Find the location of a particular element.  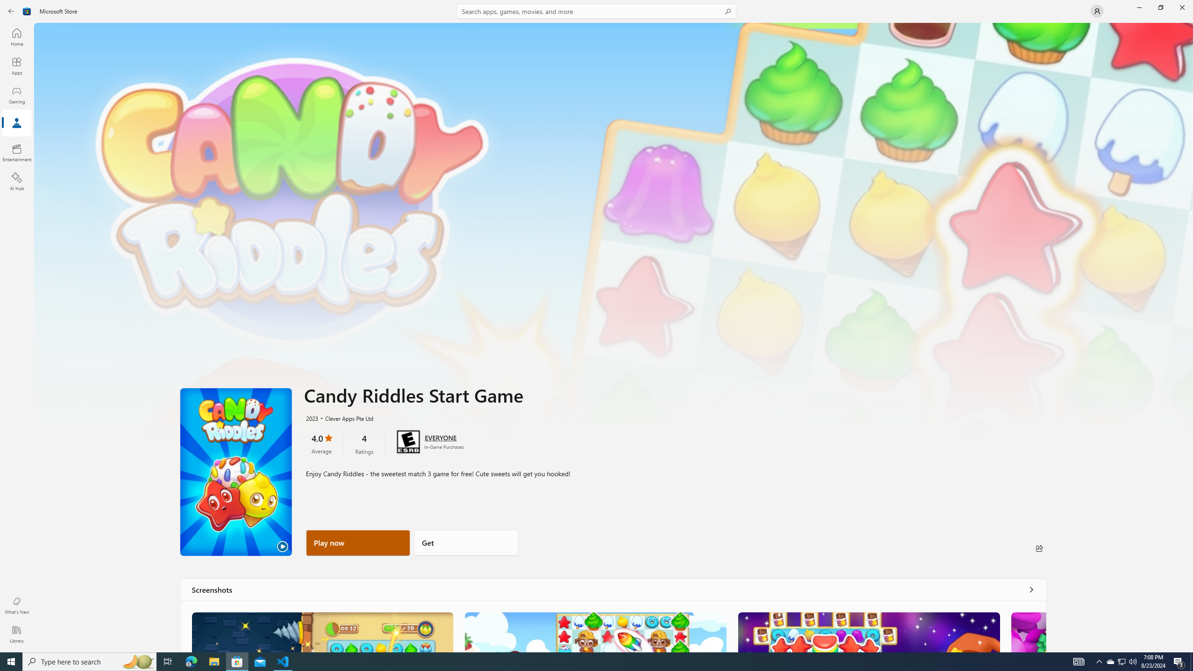

'Age rating: EVERYONE. Click for more information.' is located at coordinates (439, 437).